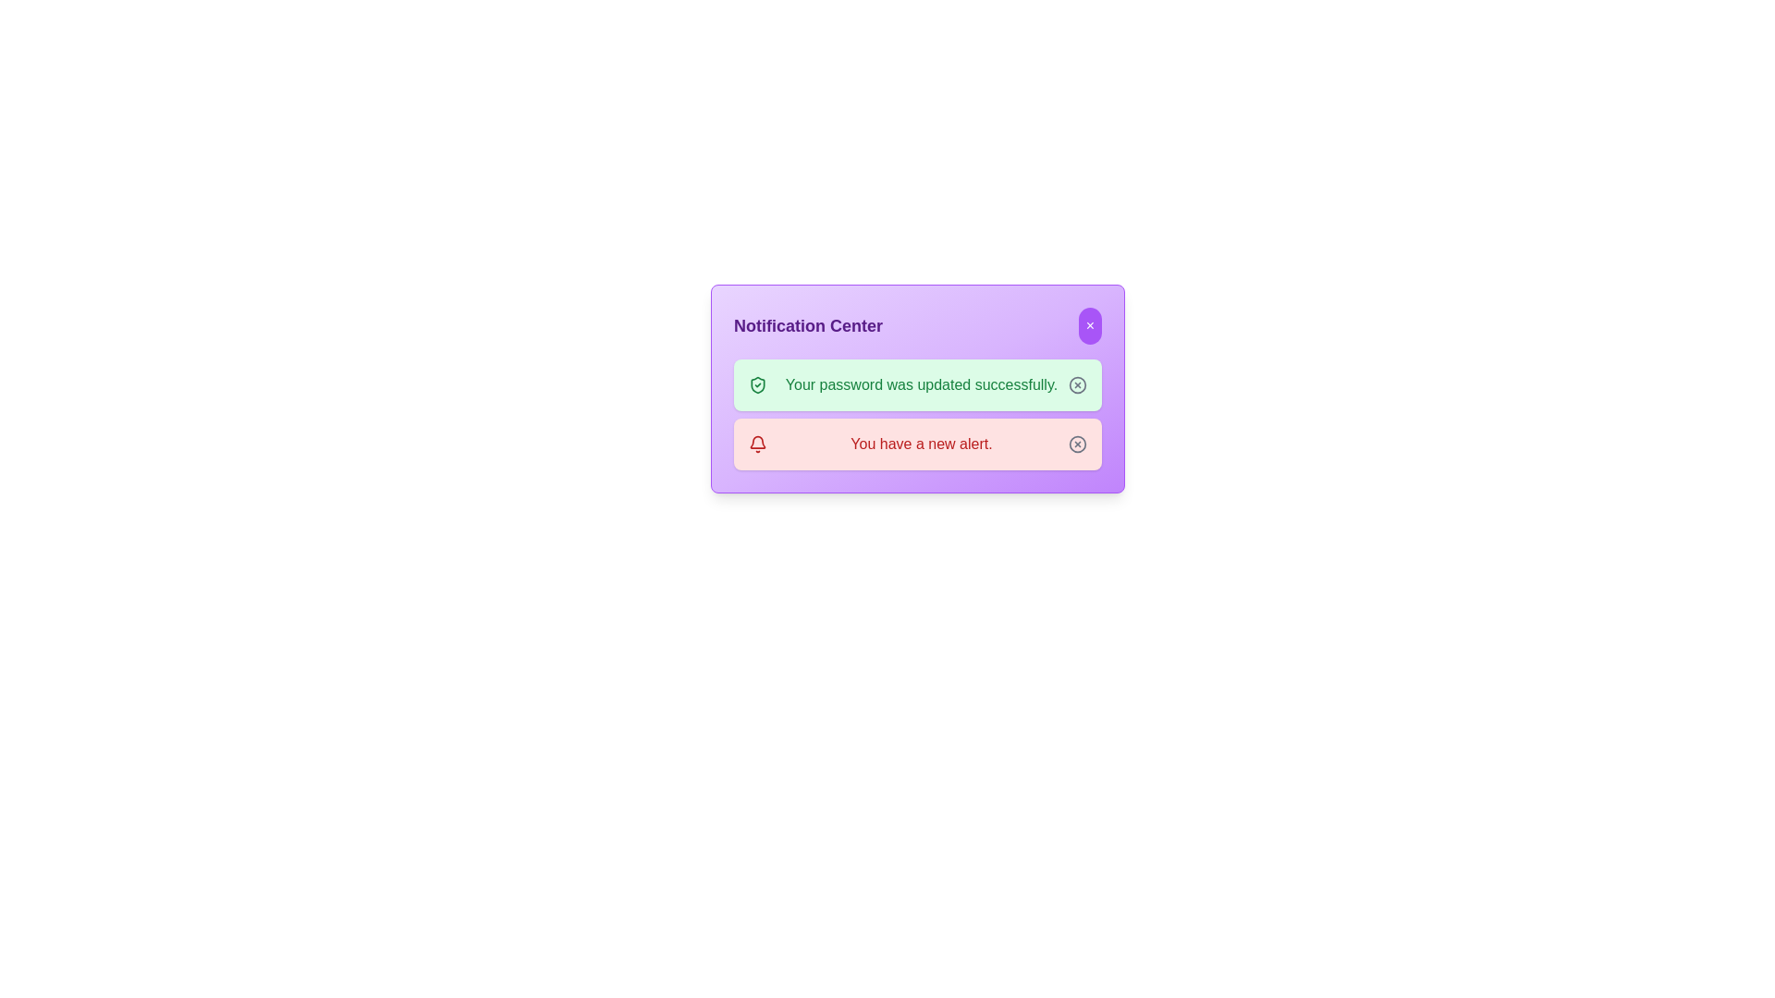 The height and width of the screenshot is (998, 1775). I want to click on the circular close button with a purple background and a white '×' character, so click(1090, 325).